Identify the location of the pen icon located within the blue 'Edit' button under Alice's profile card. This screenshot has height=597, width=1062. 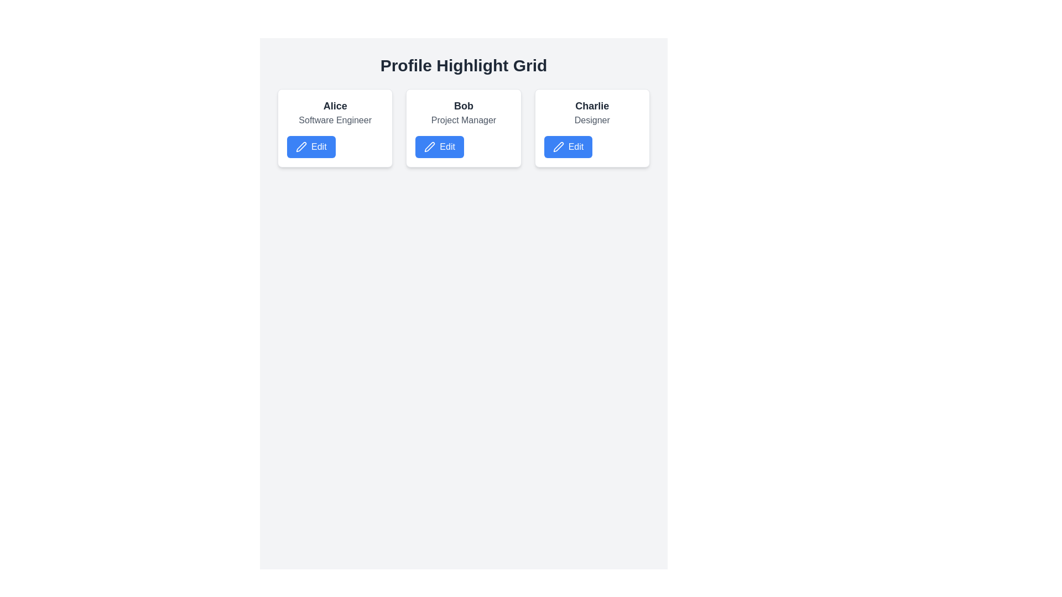
(301, 146).